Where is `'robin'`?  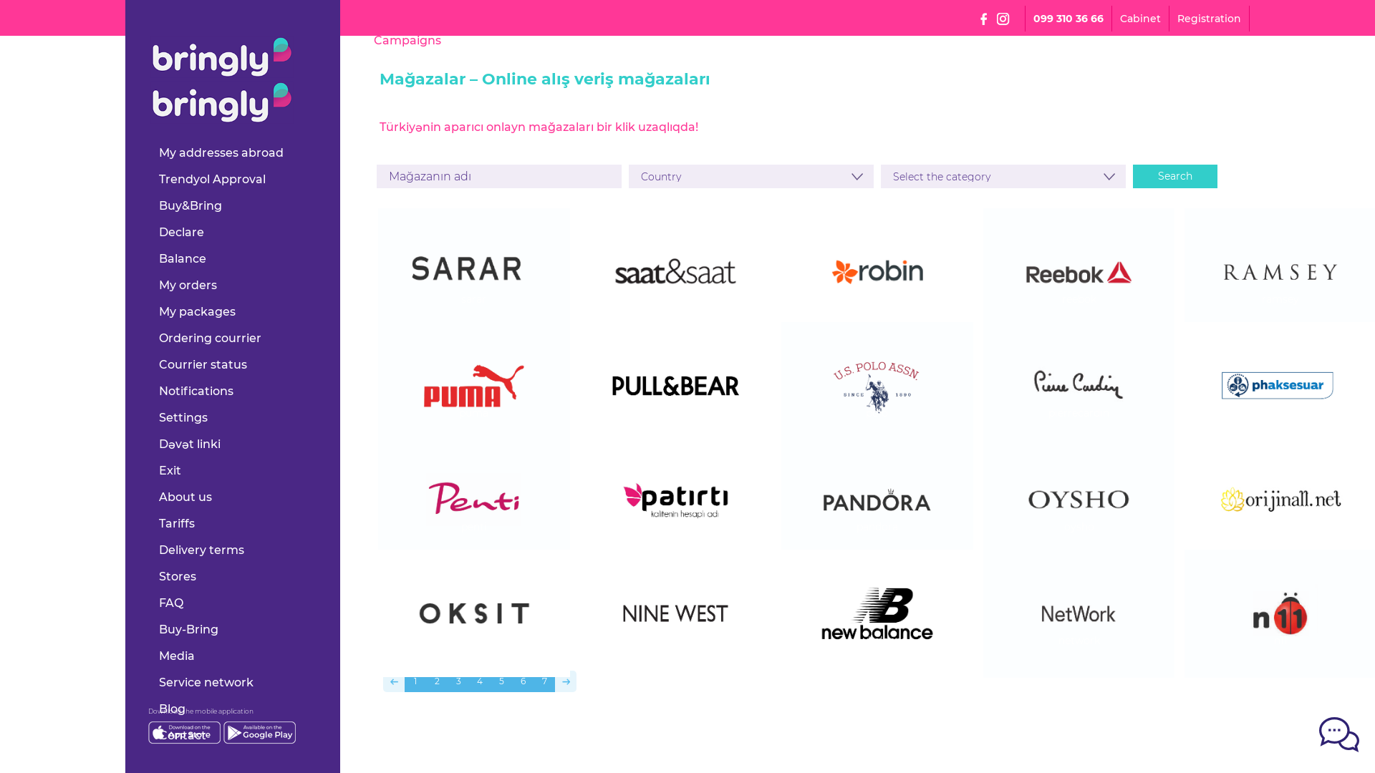 'robin' is located at coordinates (876, 298).